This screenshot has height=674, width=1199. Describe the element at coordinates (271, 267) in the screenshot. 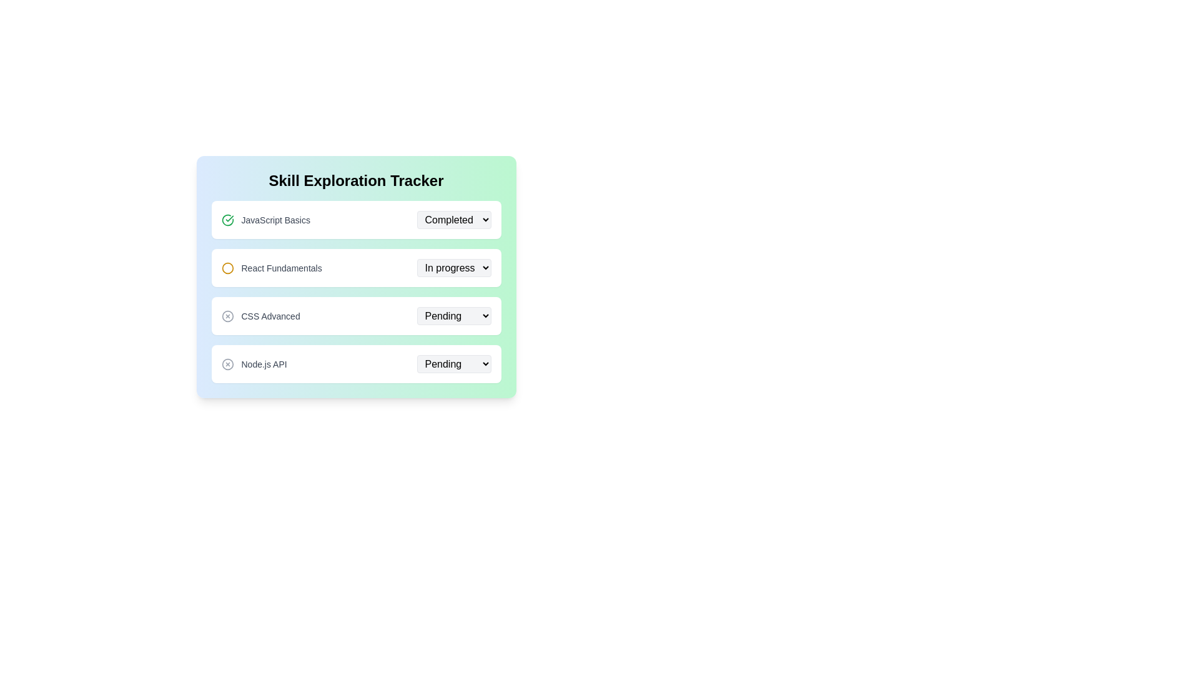

I see `the text label displaying 'React Fundamentals', which is styled with a smaller font size and medium font weight, located next to a circular yellow icon under the title 'Skill Exploration Tracker'` at that location.